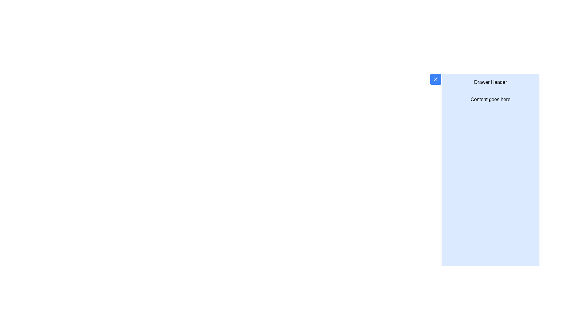 This screenshot has height=327, width=581. Describe the element at coordinates (435, 79) in the screenshot. I see `the close button icon located at the top-left corner of the sidebar header` at that location.